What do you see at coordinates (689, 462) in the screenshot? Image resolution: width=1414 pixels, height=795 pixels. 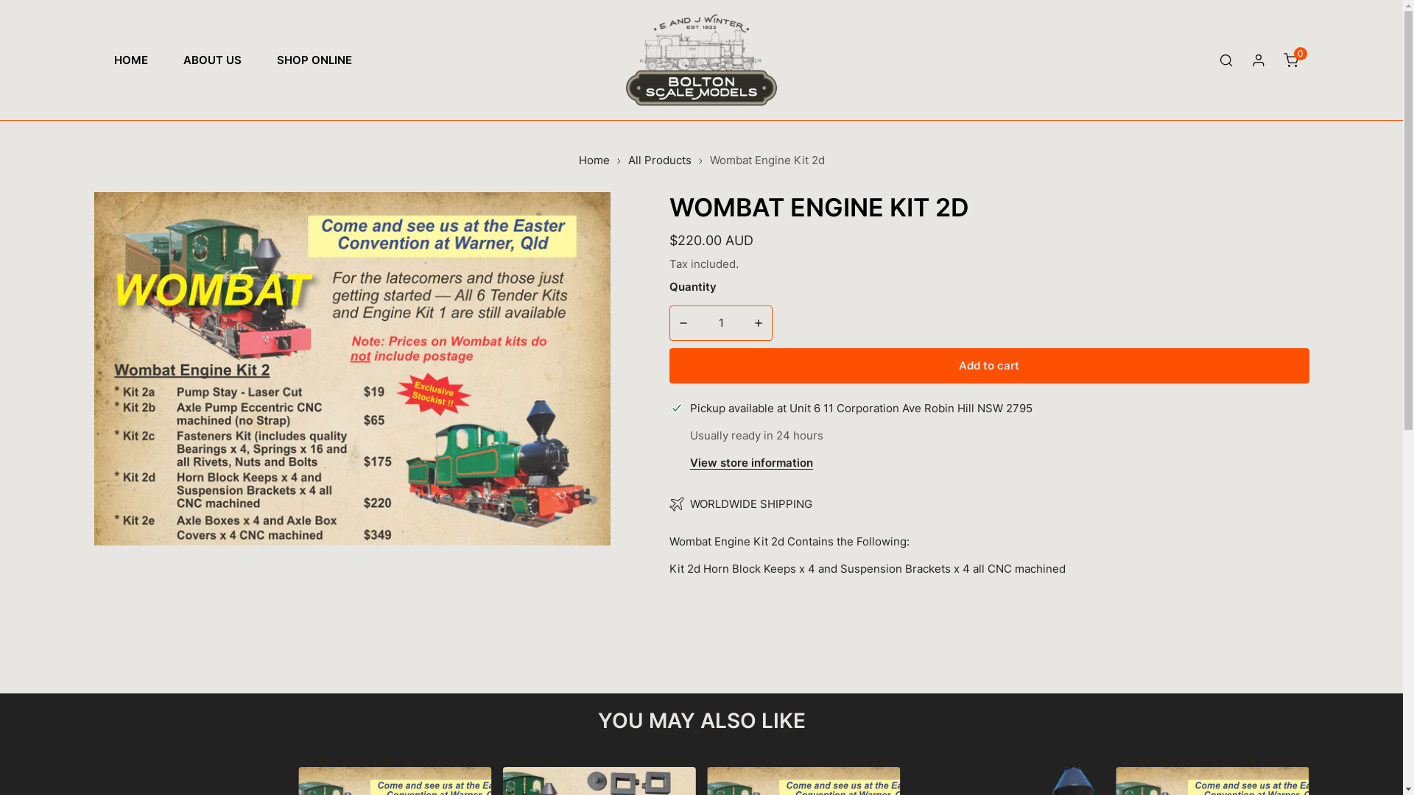 I see `'View store information'` at bounding box center [689, 462].